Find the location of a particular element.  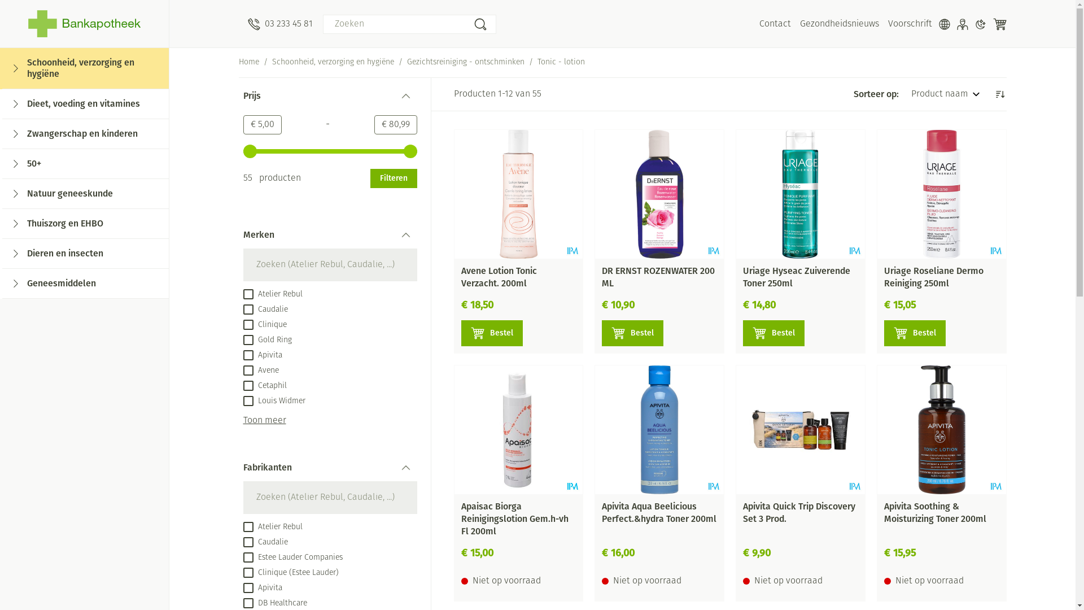

'Caudalie' is located at coordinates (264, 309).